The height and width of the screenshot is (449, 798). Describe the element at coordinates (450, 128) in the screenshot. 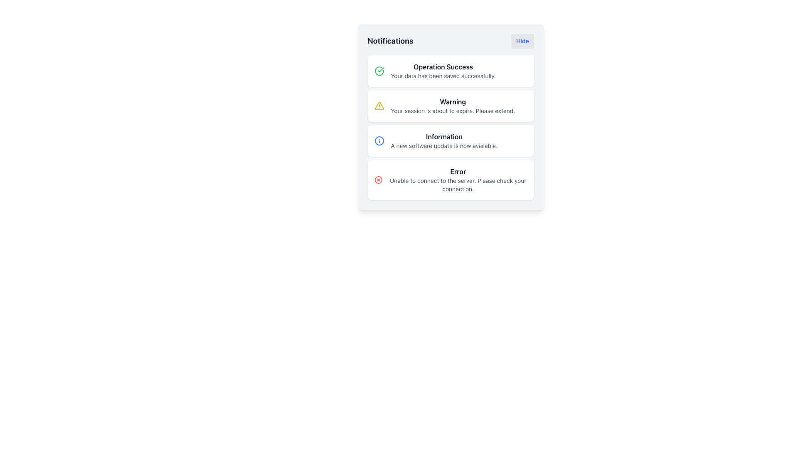

I see `notifications from the third item in the Notification Group, which is located inside the card labeled 'Notifications'` at that location.